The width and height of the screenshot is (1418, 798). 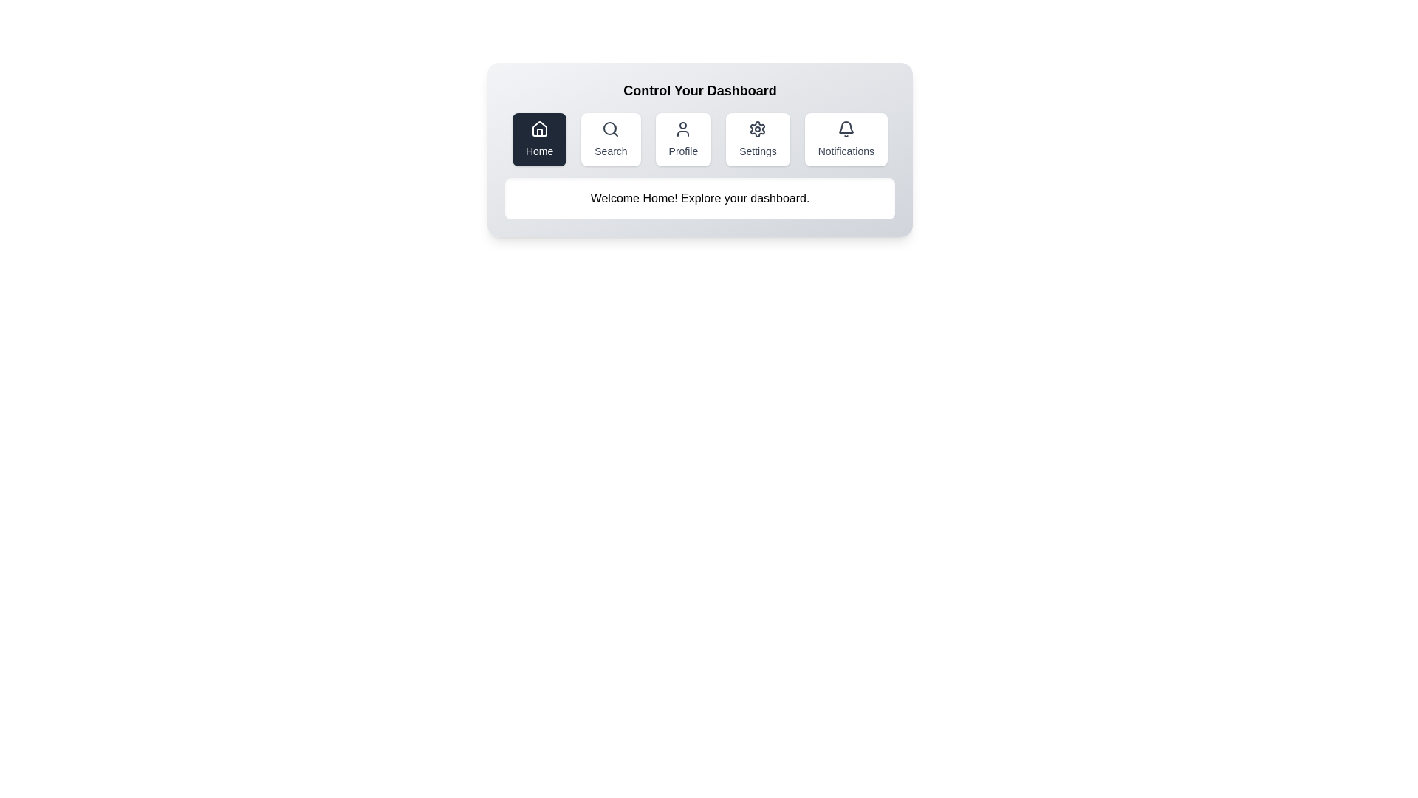 What do you see at coordinates (758, 128) in the screenshot?
I see `the Settings icon located in the primary dashboard's navigation bar, positioned between the Profile and Notifications buttons` at bounding box center [758, 128].